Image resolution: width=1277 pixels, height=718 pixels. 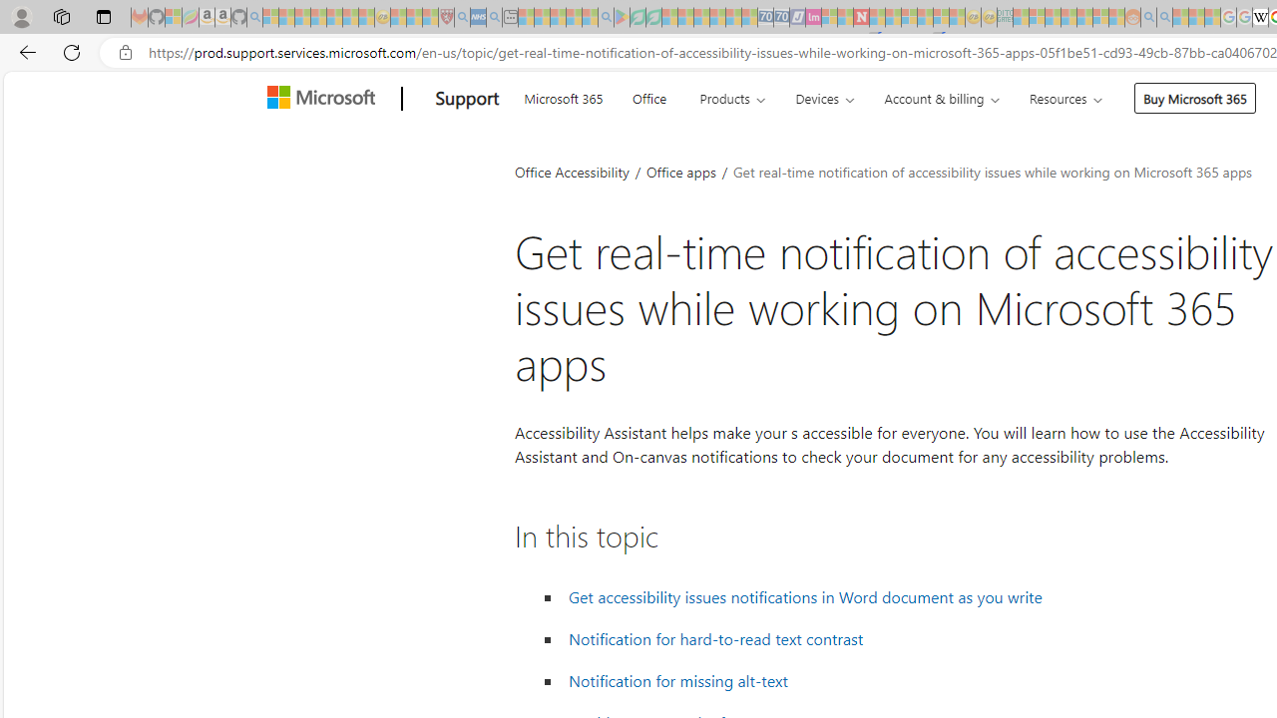 What do you see at coordinates (677, 679) in the screenshot?
I see `' Notification for missing alt-text'` at bounding box center [677, 679].